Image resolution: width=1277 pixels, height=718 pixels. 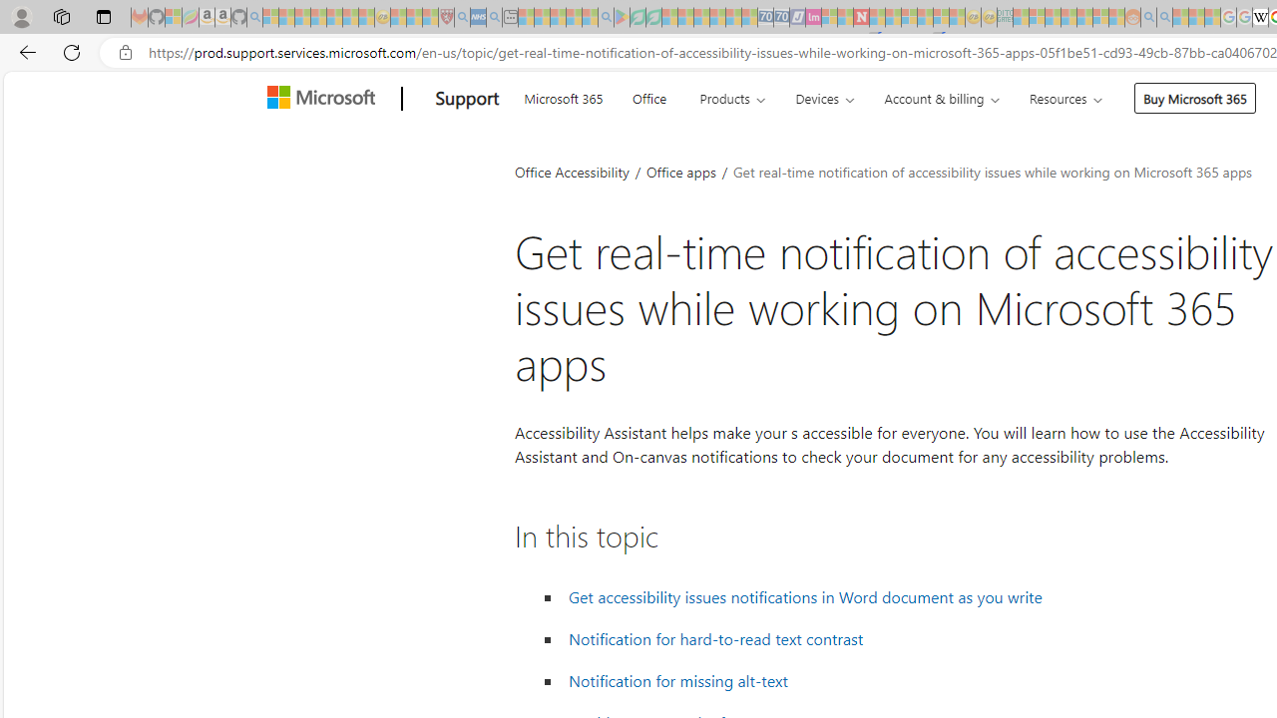 What do you see at coordinates (677, 679) in the screenshot?
I see `' Notification for missing alt-text'` at bounding box center [677, 679].